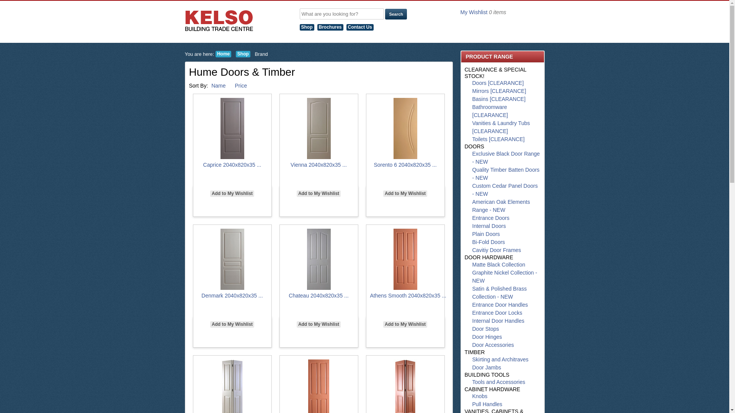  I want to click on 'Custom Cedar Panel Doors - NEW', so click(505, 189).